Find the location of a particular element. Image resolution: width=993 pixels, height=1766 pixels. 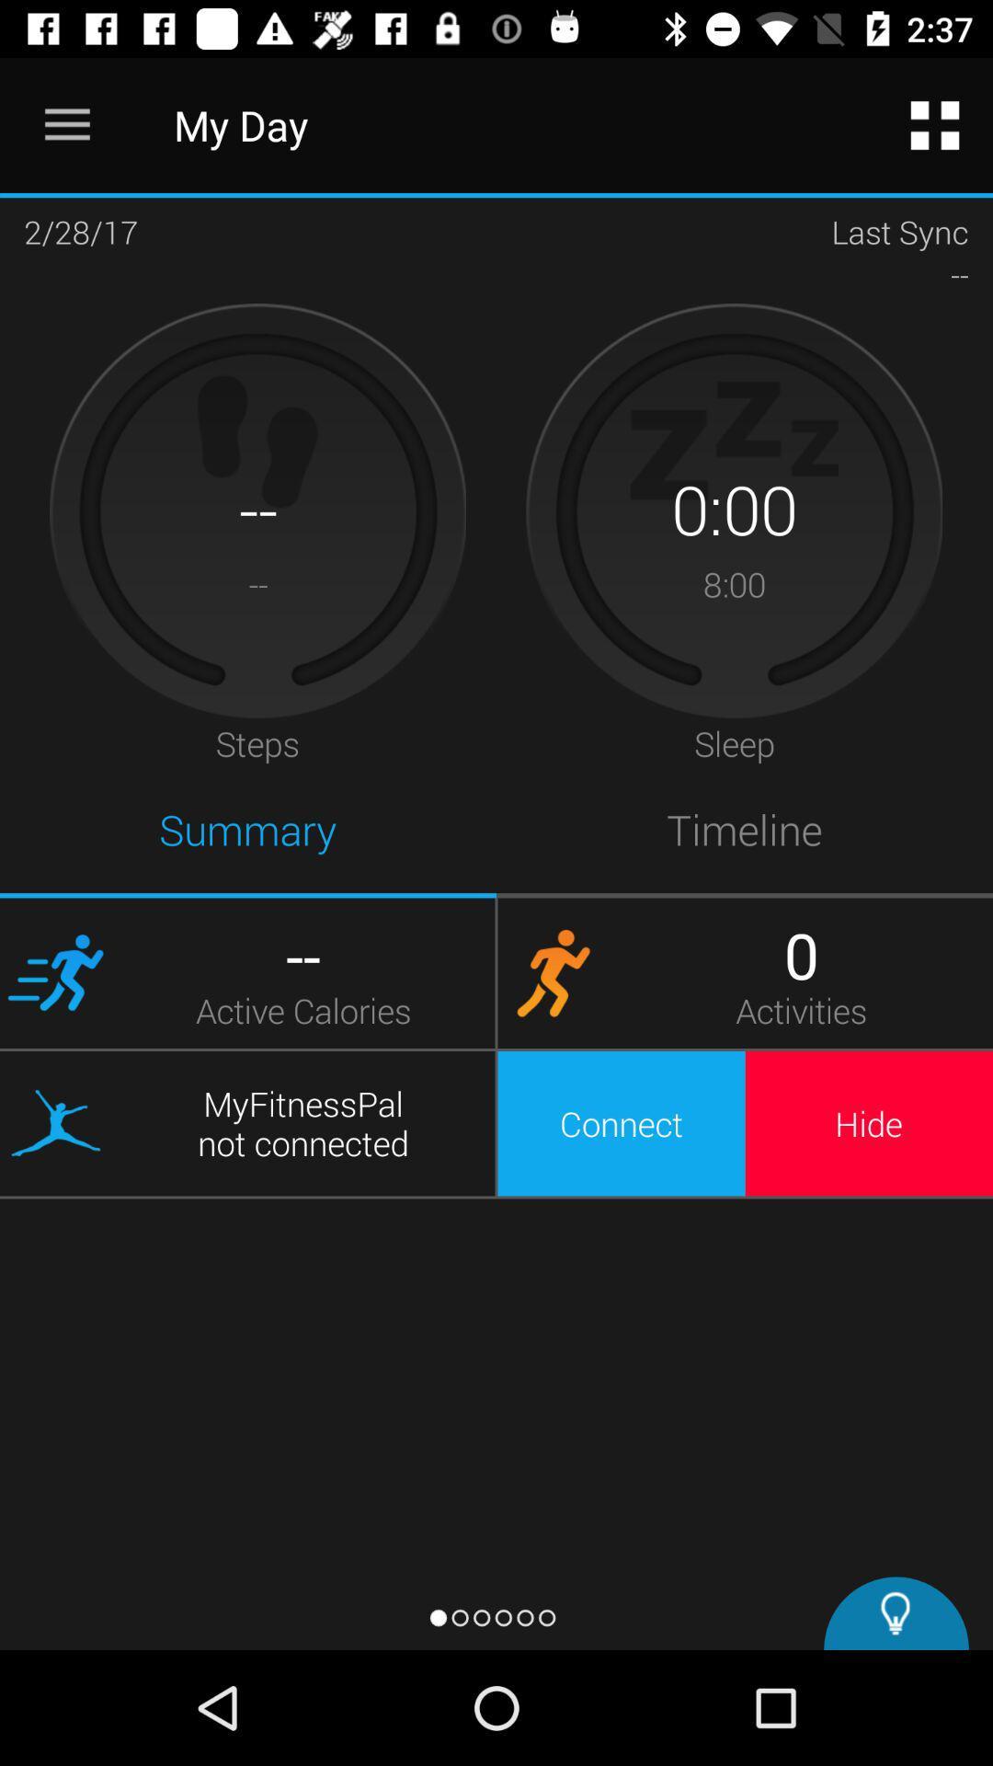

enter connect right to hide is located at coordinates (621, 1123).